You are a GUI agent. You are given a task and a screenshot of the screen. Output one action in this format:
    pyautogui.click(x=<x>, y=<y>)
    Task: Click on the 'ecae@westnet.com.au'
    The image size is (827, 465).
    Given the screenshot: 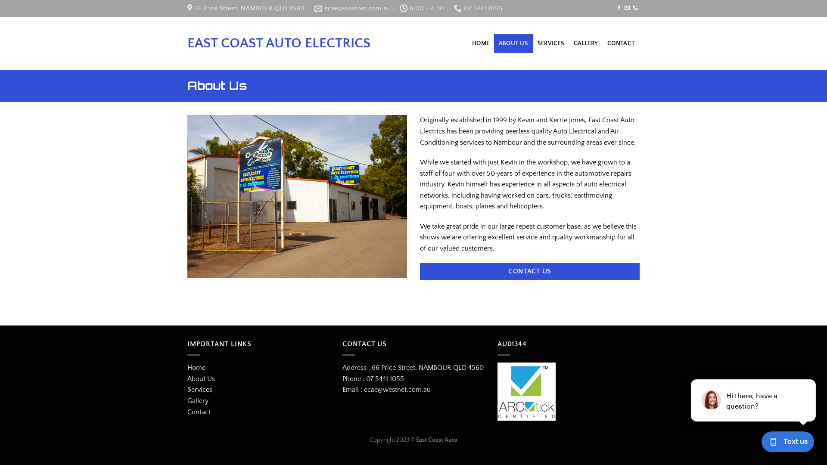 What is the action you would take?
    pyautogui.click(x=314, y=8)
    